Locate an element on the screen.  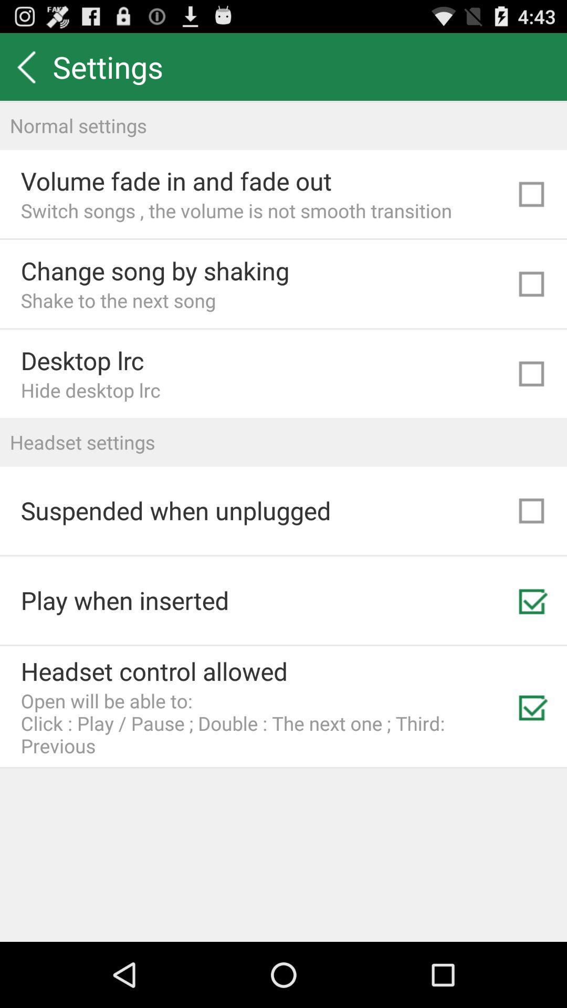
the normal settings item is located at coordinates (283, 125).